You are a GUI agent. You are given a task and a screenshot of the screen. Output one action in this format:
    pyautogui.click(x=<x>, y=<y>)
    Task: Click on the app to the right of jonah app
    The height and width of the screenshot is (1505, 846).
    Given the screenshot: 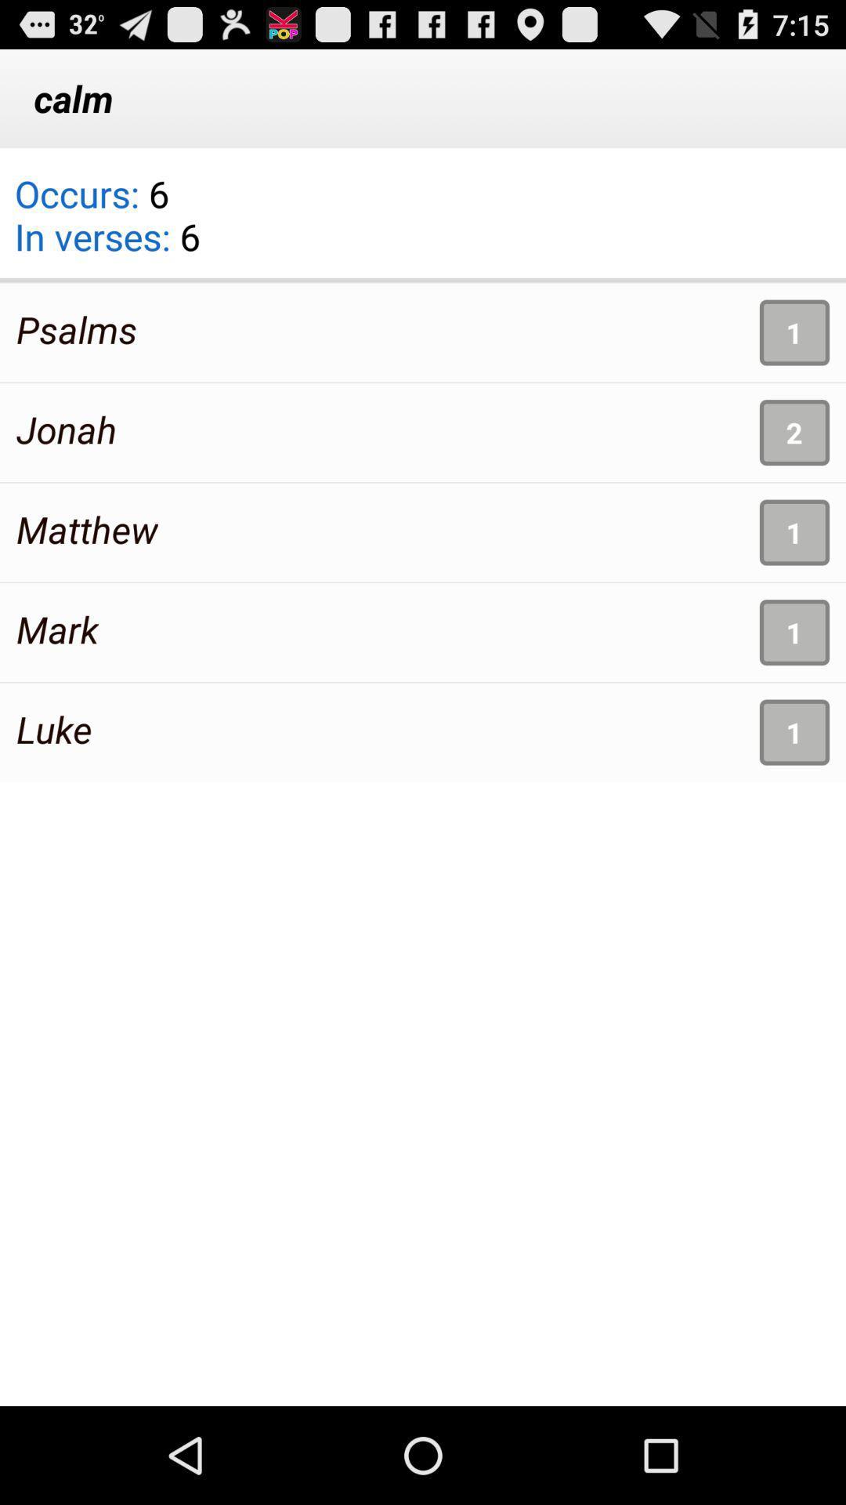 What is the action you would take?
    pyautogui.click(x=794, y=433)
    